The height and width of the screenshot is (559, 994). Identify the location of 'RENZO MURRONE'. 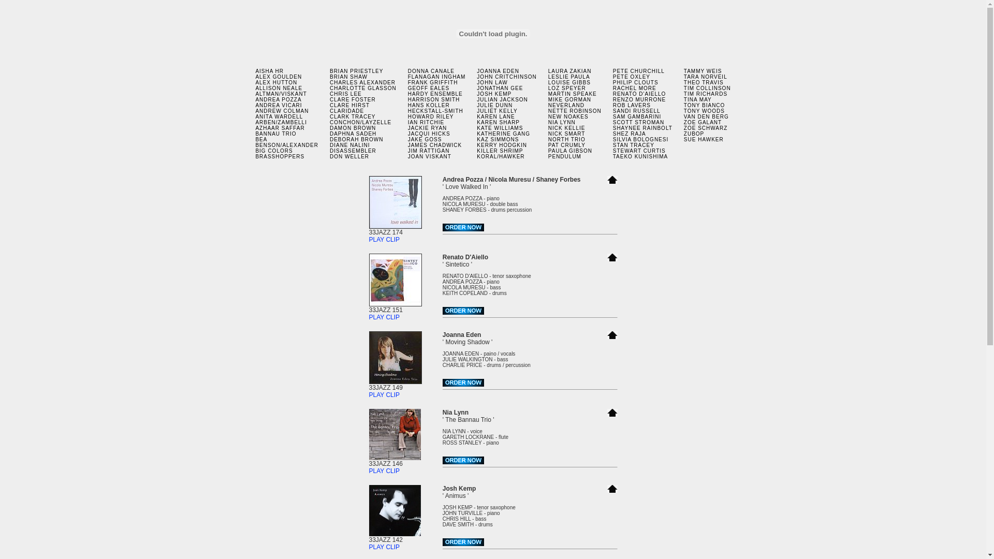
(613, 99).